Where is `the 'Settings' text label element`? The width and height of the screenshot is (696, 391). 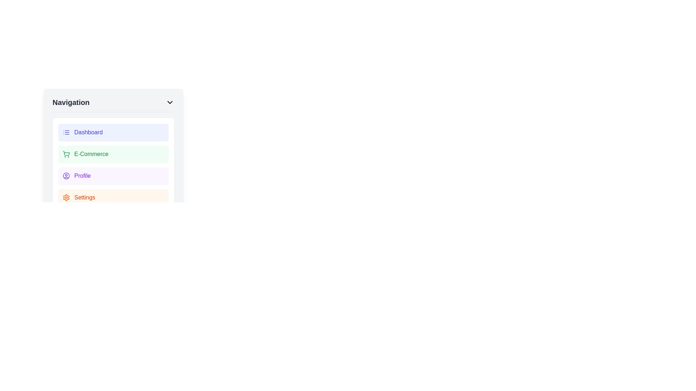 the 'Settings' text label element is located at coordinates (84, 198).